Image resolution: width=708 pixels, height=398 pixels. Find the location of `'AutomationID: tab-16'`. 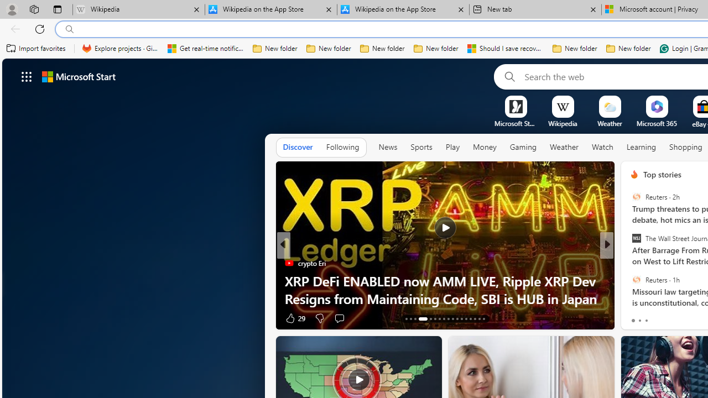

'AutomationID: tab-16' is located at coordinates (419, 319).